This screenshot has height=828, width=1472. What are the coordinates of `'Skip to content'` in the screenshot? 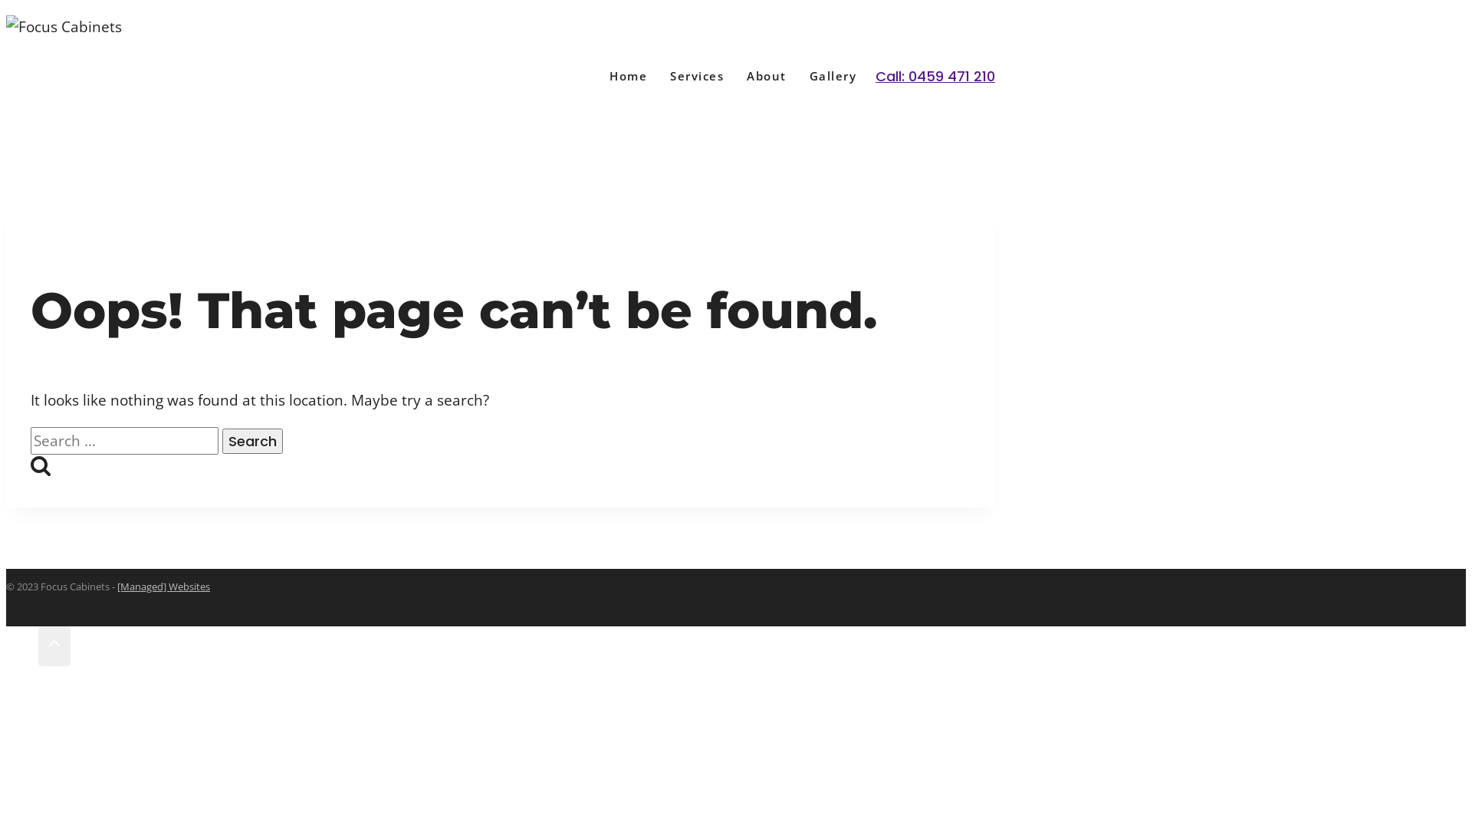 It's located at (5, 5).